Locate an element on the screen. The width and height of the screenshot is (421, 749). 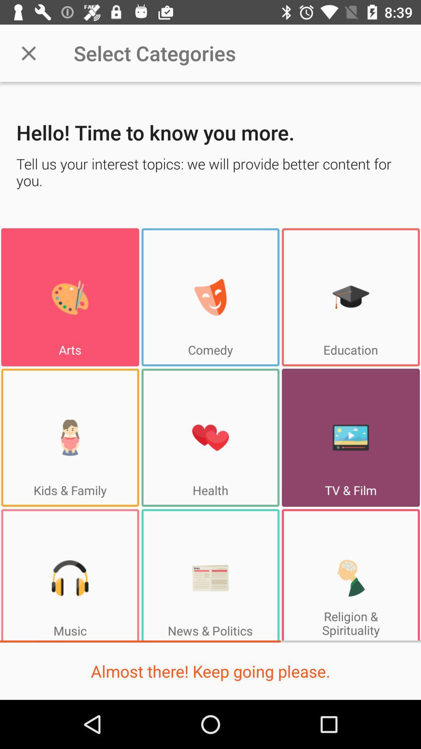
the icon next to select categories is located at coordinates (28, 53).